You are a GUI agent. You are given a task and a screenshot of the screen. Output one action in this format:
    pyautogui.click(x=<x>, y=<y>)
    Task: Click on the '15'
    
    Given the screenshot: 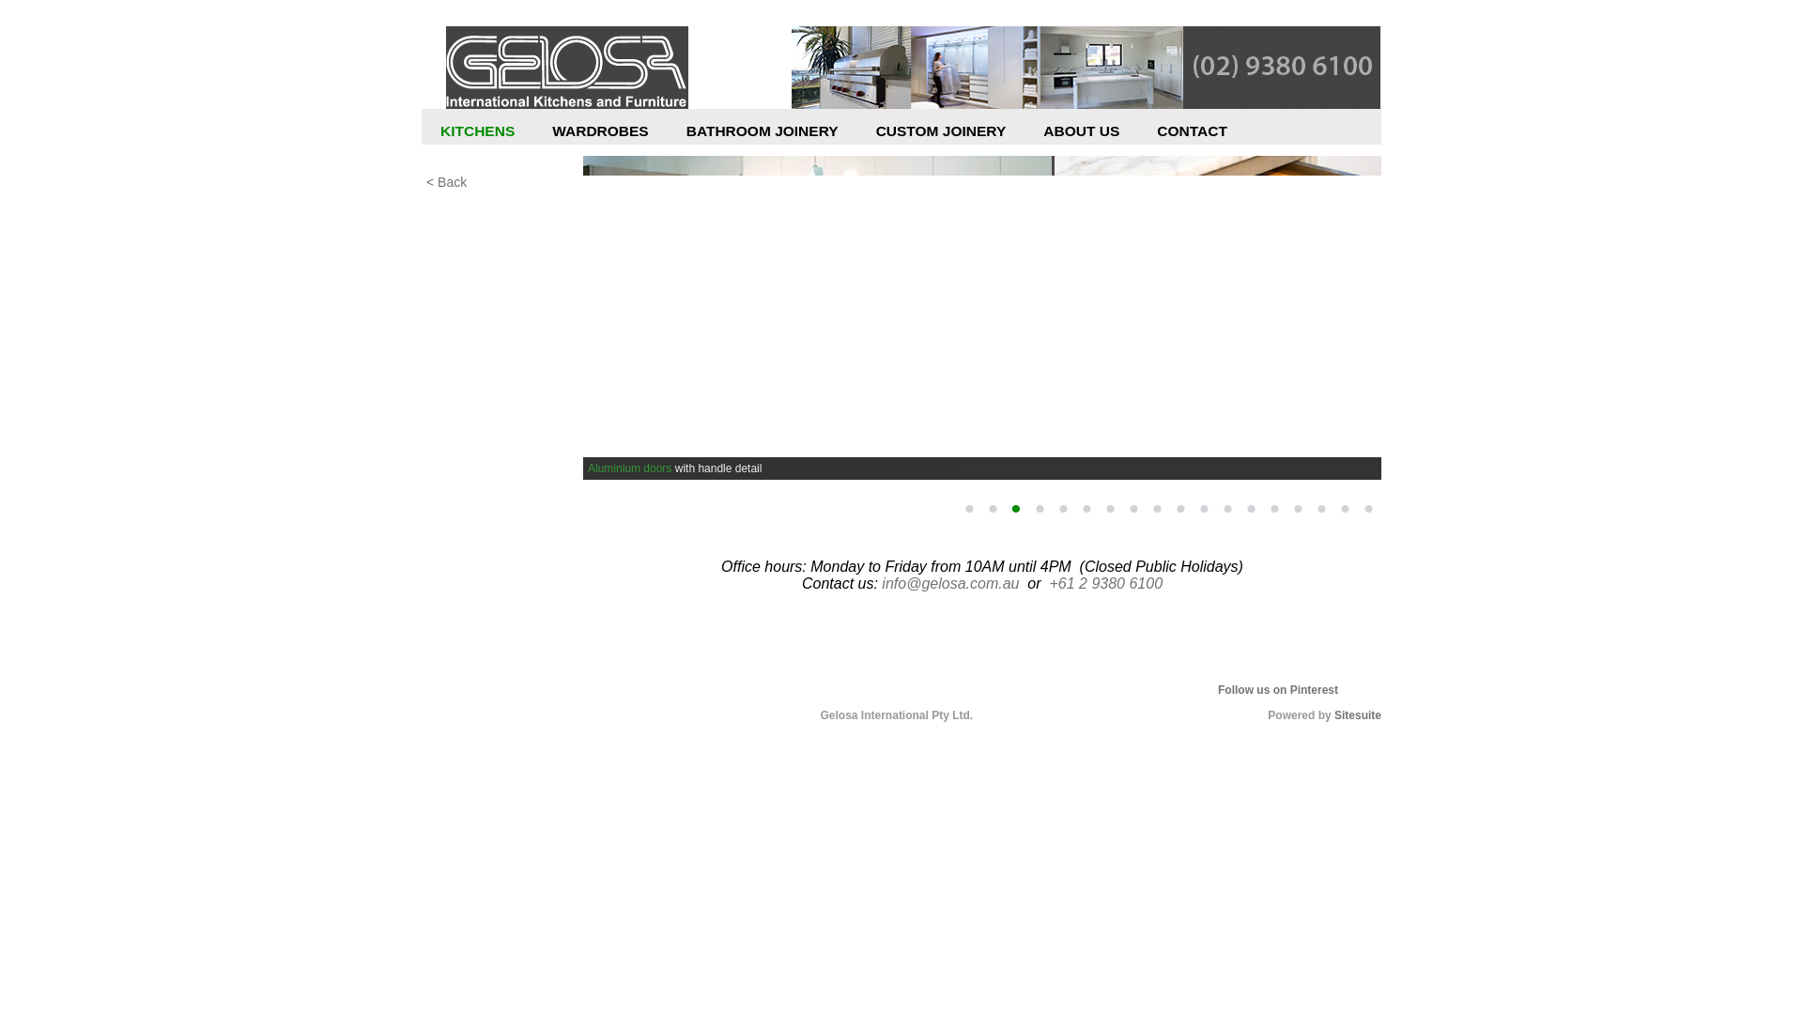 What is the action you would take?
    pyautogui.click(x=1297, y=509)
    